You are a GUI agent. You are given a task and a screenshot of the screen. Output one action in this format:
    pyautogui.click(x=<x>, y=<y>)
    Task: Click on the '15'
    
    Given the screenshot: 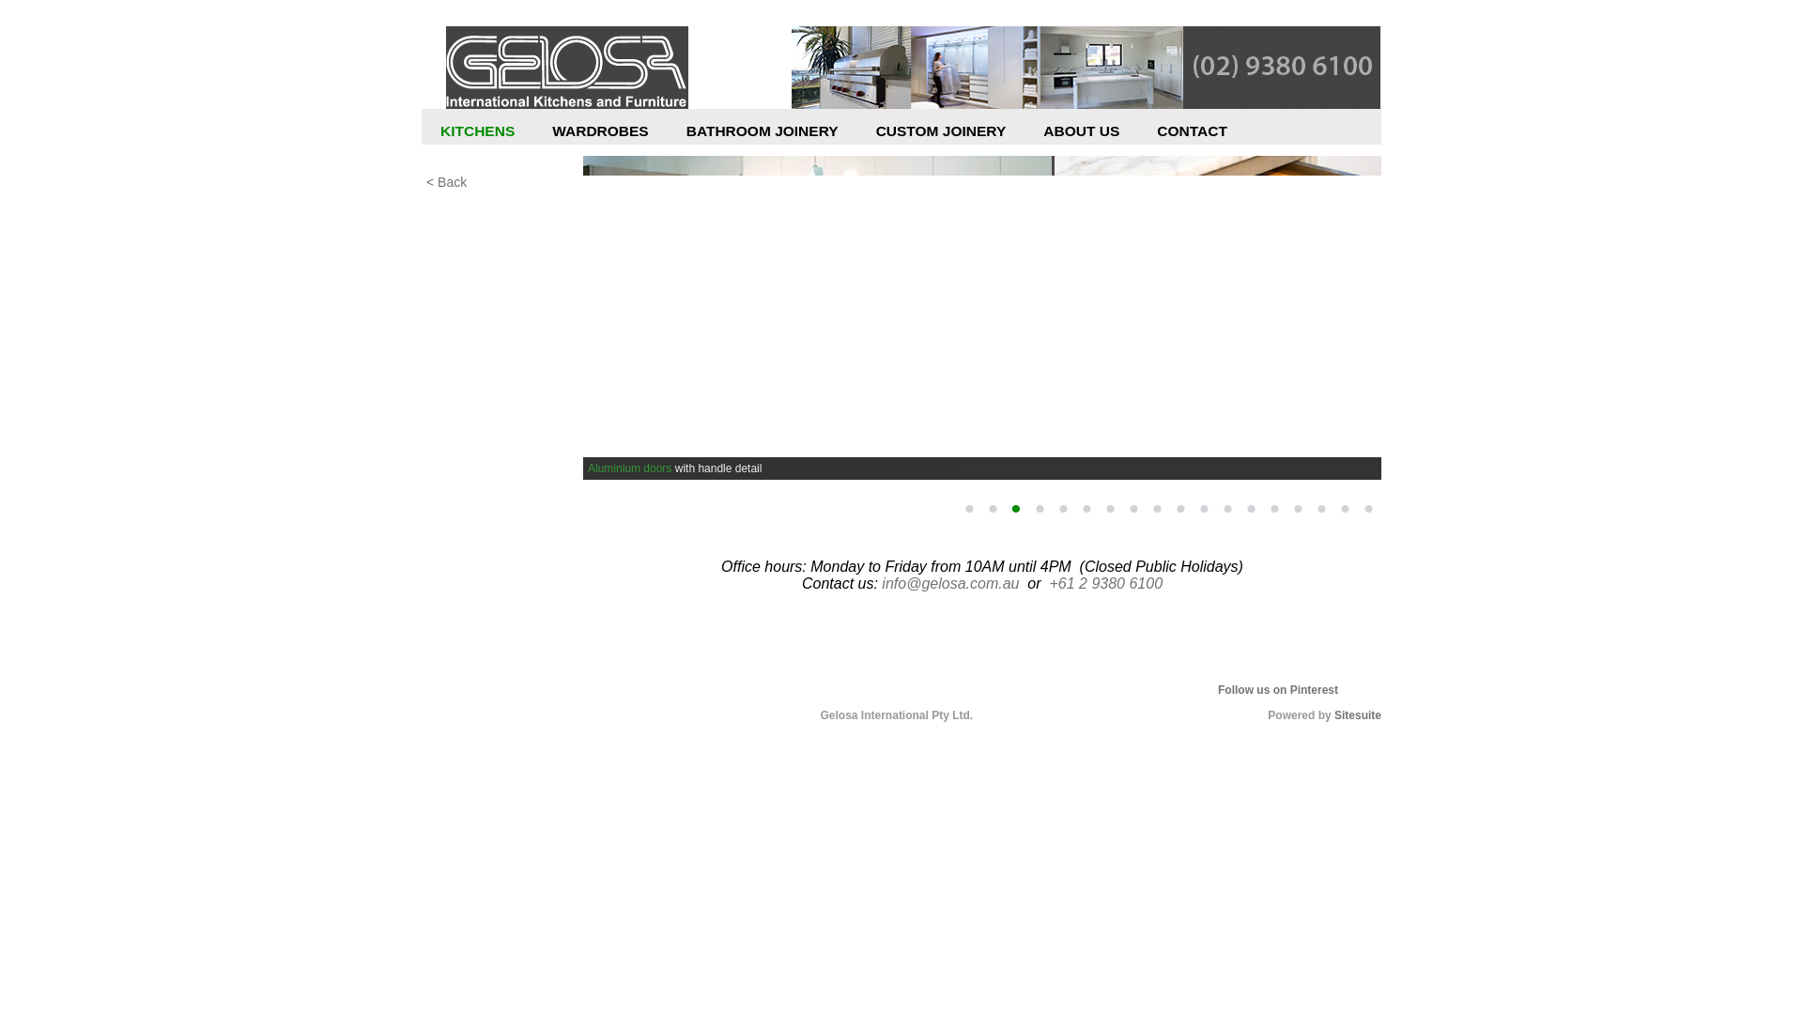 What is the action you would take?
    pyautogui.click(x=1297, y=509)
    